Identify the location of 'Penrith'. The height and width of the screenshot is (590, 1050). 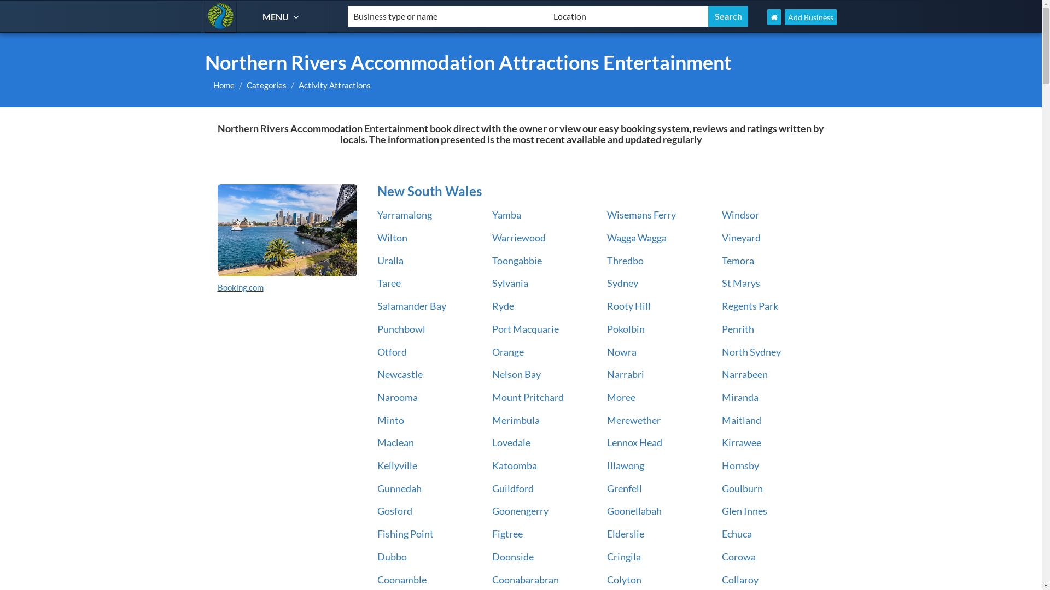
(722, 328).